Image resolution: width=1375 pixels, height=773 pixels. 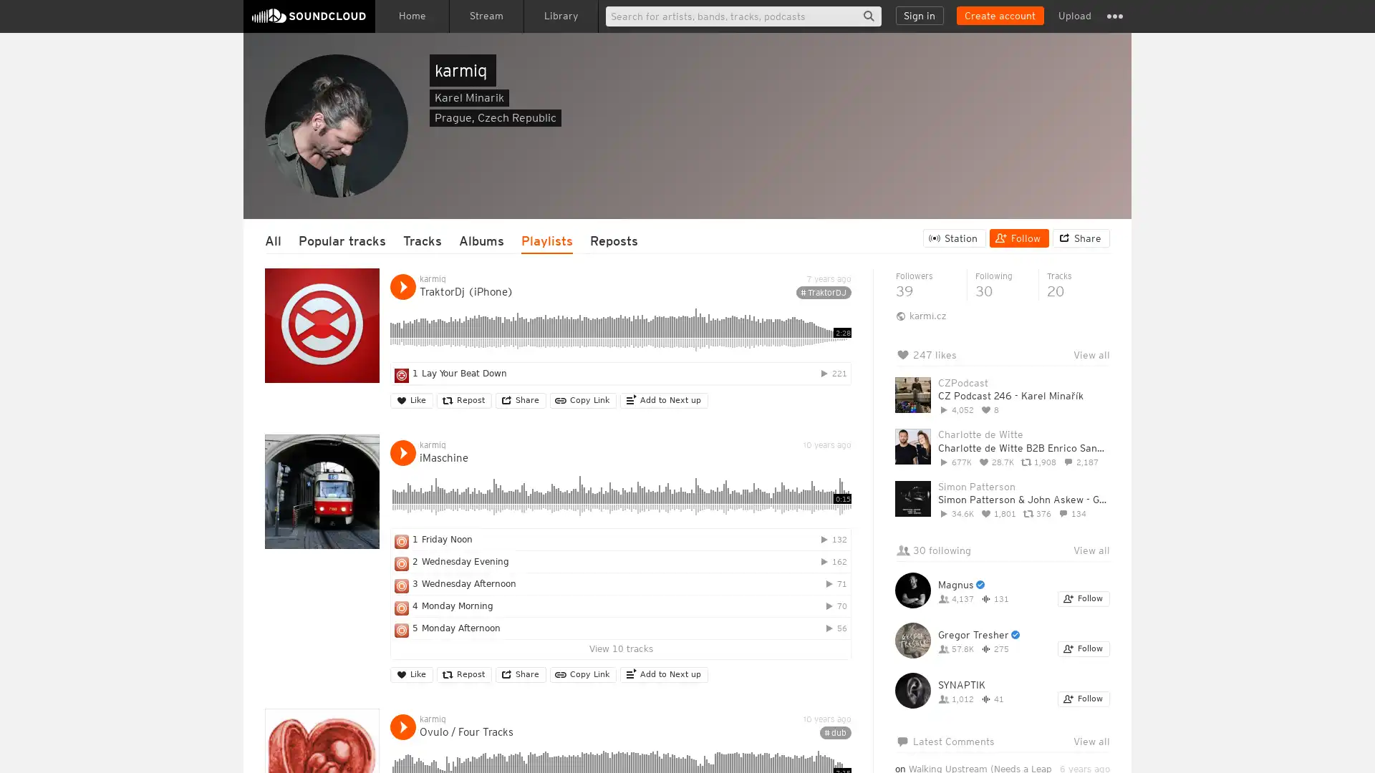 What do you see at coordinates (920, 16) in the screenshot?
I see `Sign in` at bounding box center [920, 16].